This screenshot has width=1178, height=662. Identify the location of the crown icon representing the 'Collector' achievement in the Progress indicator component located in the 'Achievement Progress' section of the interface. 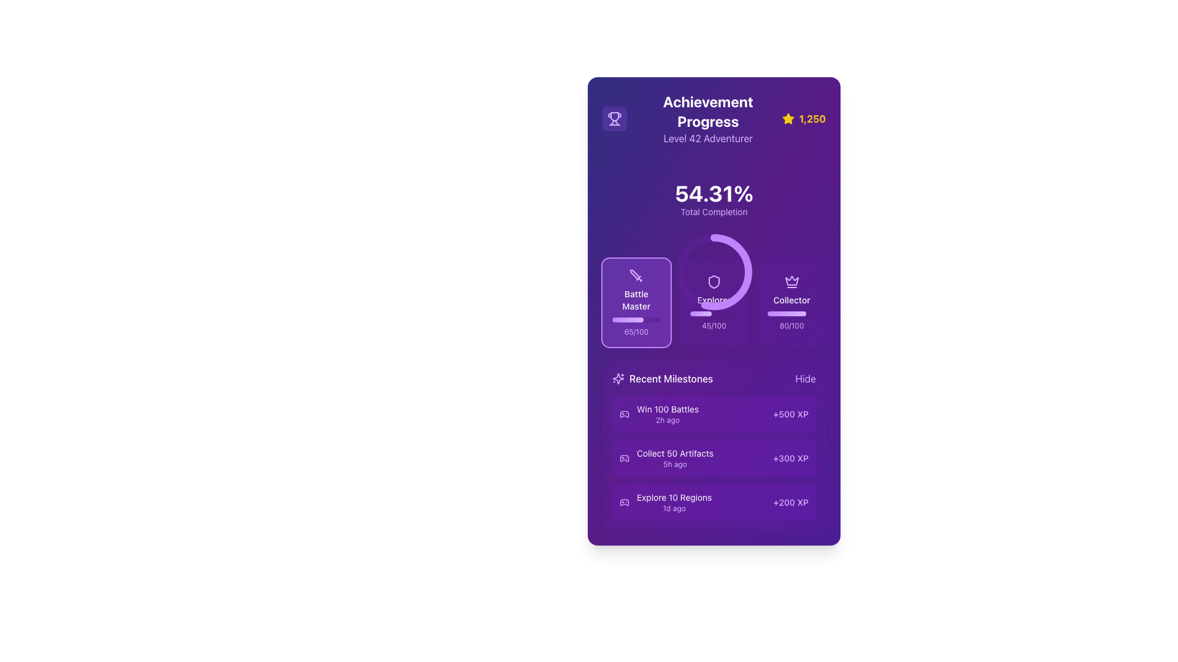
(791, 302).